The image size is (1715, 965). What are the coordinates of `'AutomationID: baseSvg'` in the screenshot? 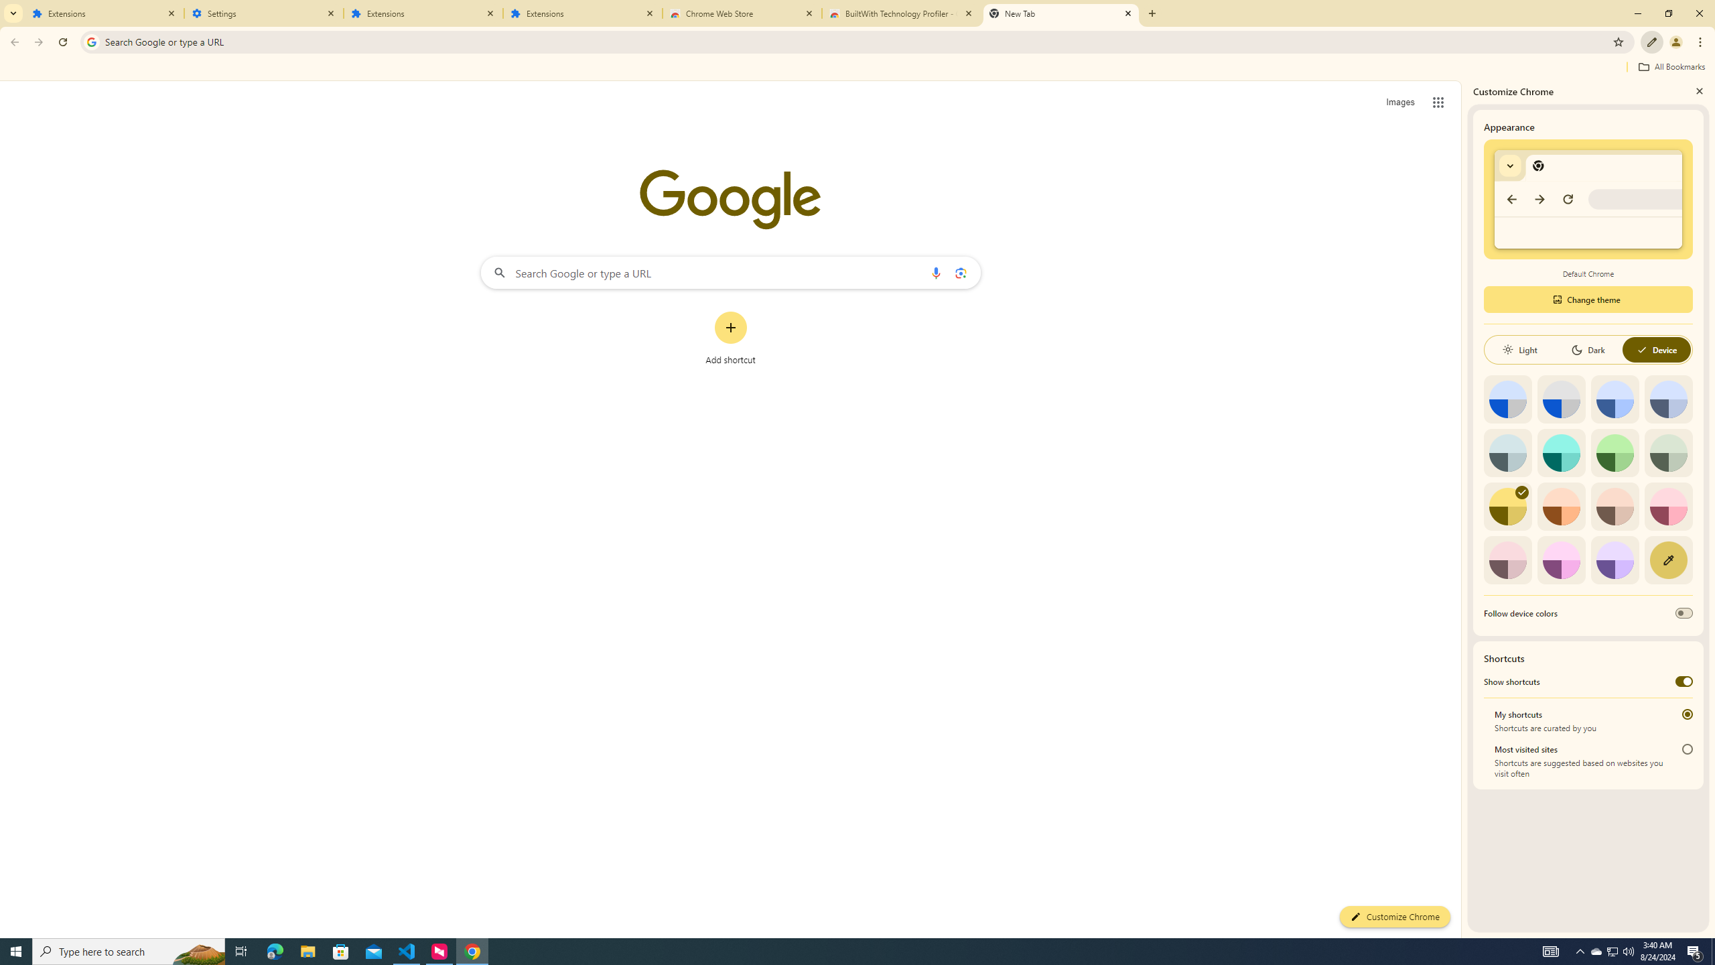 It's located at (1641, 349).